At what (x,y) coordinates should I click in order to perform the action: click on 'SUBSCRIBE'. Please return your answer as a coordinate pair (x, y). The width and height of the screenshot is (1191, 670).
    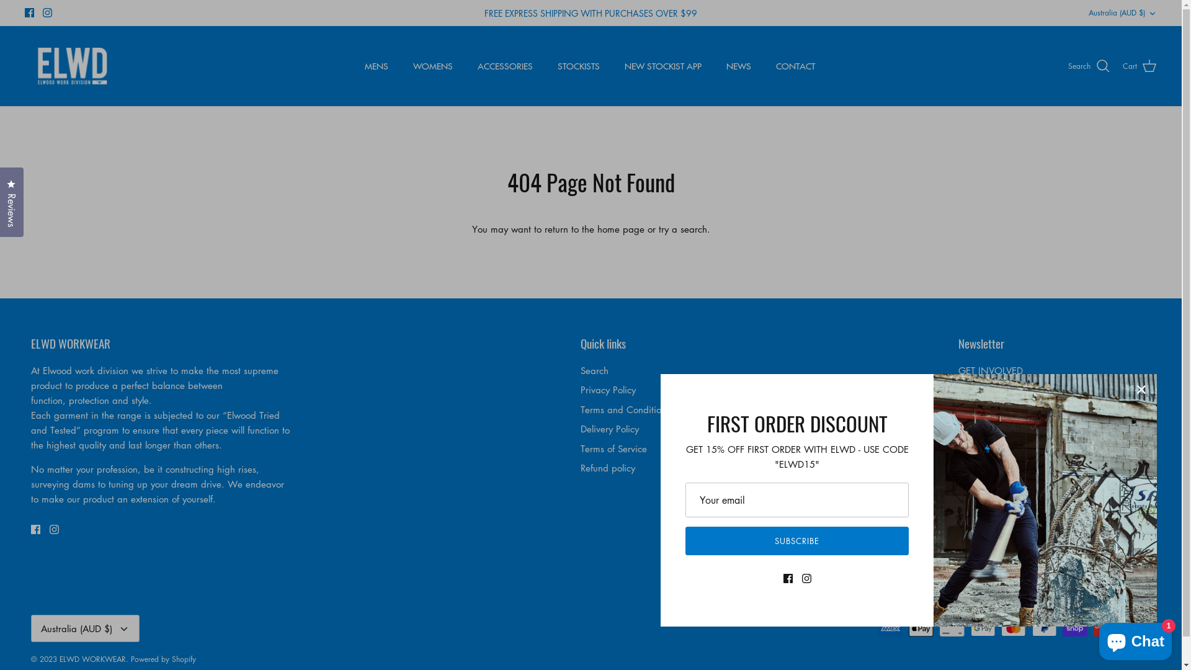
    Looking at the image, I should click on (797, 540).